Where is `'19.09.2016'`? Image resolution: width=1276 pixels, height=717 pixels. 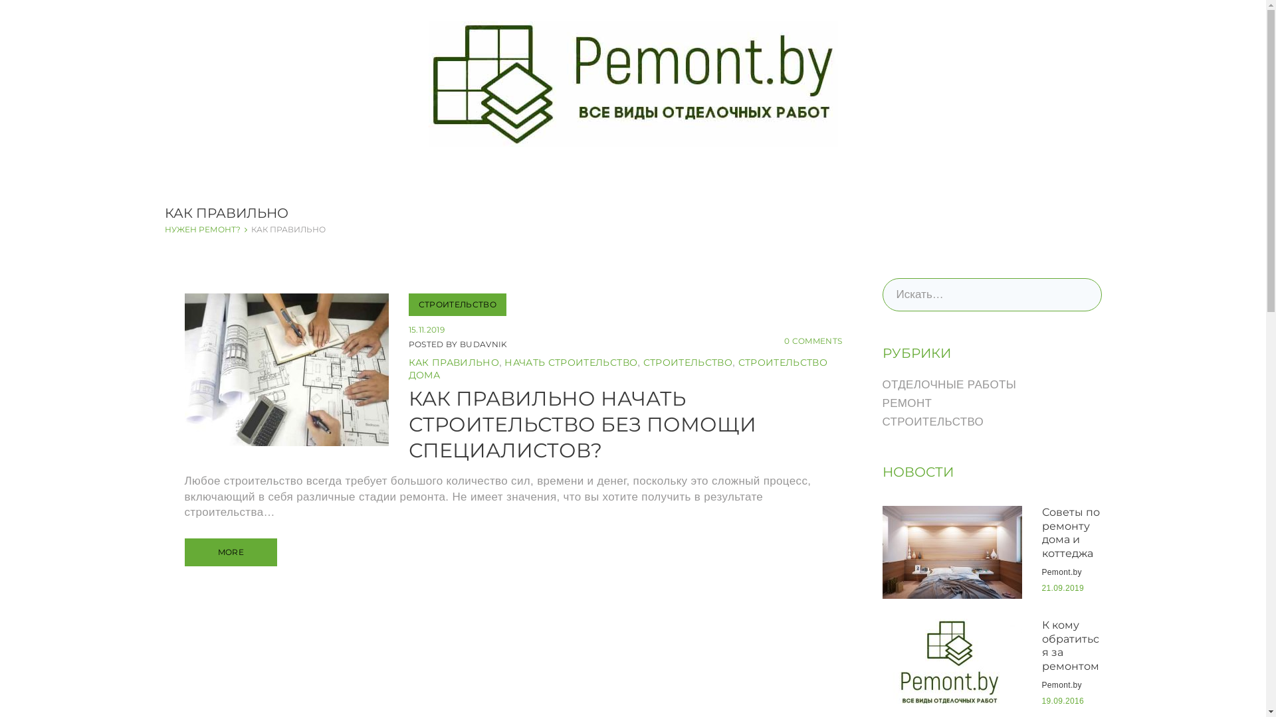
'19.09.2016' is located at coordinates (1041, 700).